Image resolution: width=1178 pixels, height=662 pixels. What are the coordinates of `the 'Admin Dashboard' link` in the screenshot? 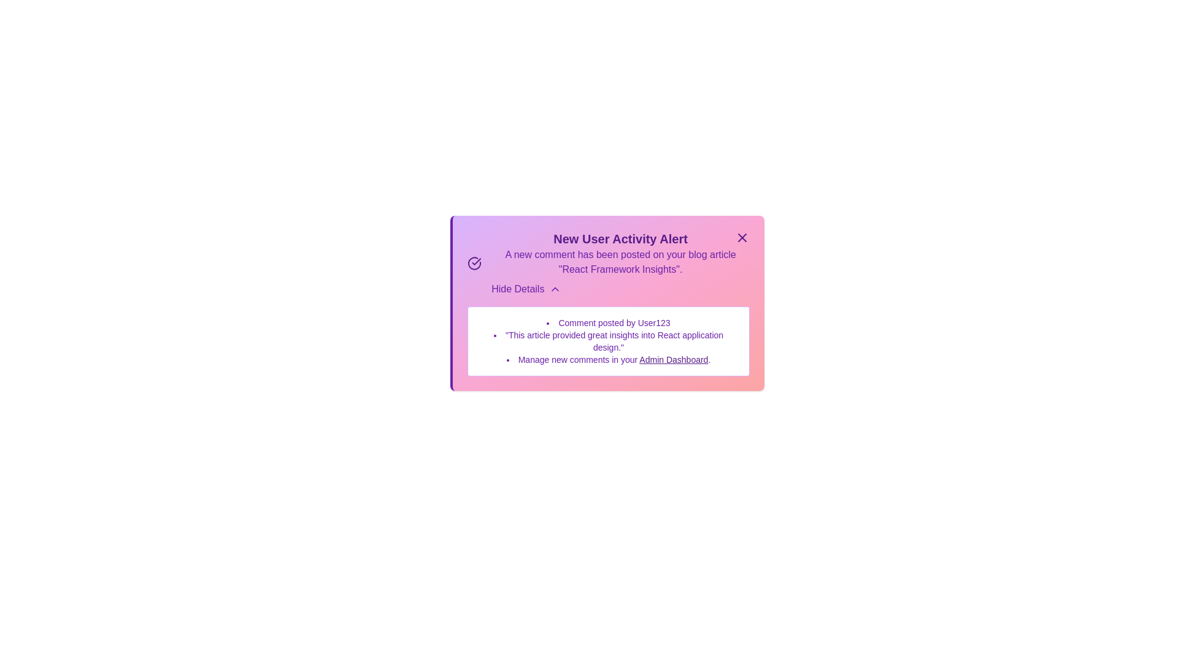 It's located at (673, 359).